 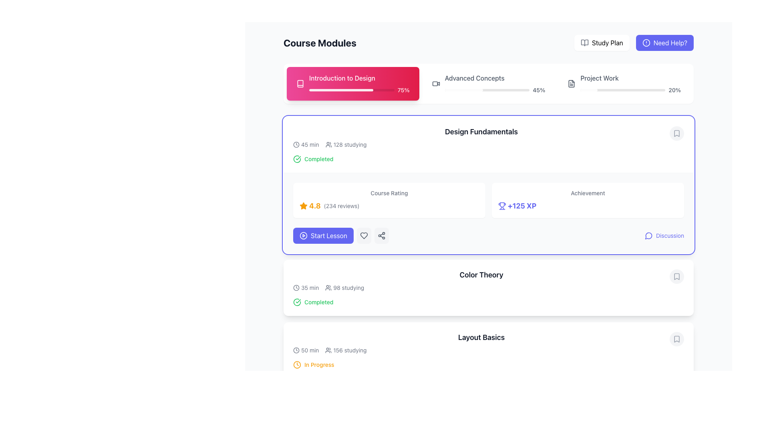 What do you see at coordinates (481, 275) in the screenshot?
I see `the header text 'Color Theory'` at bounding box center [481, 275].